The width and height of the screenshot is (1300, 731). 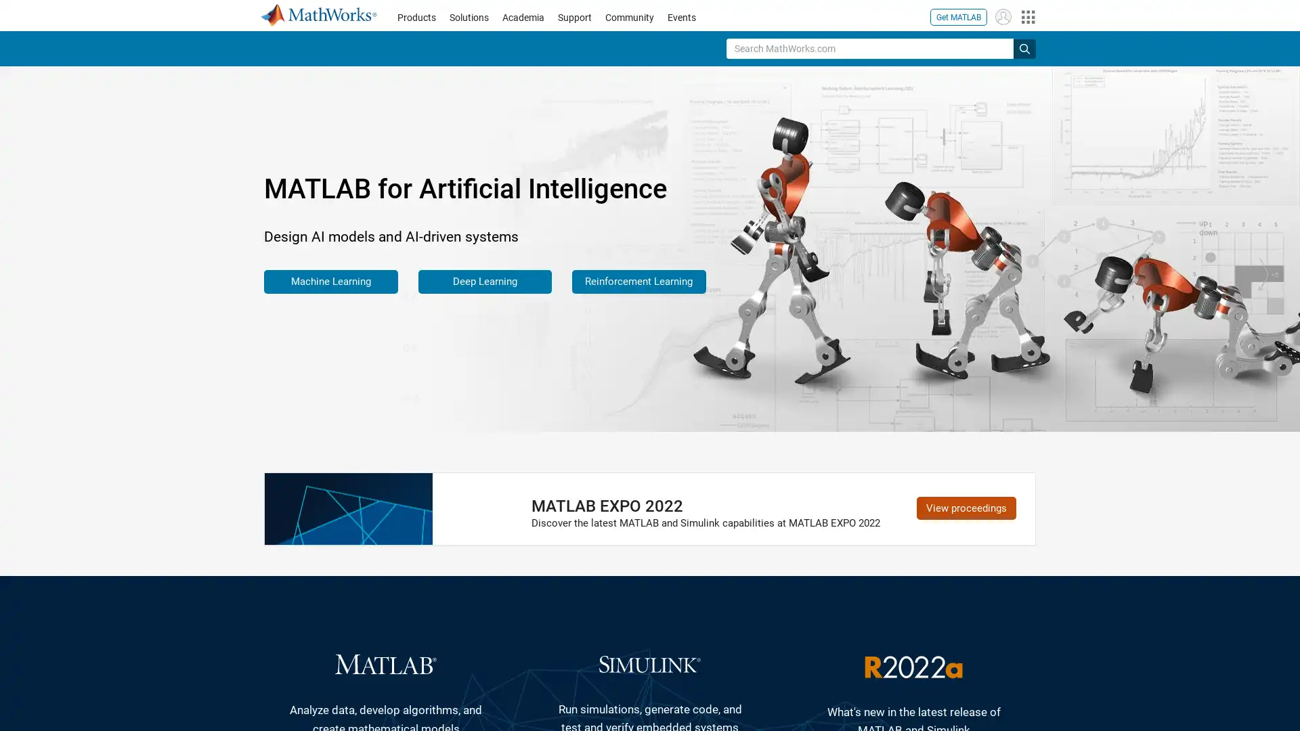 I want to click on Search, so click(x=1024, y=47).